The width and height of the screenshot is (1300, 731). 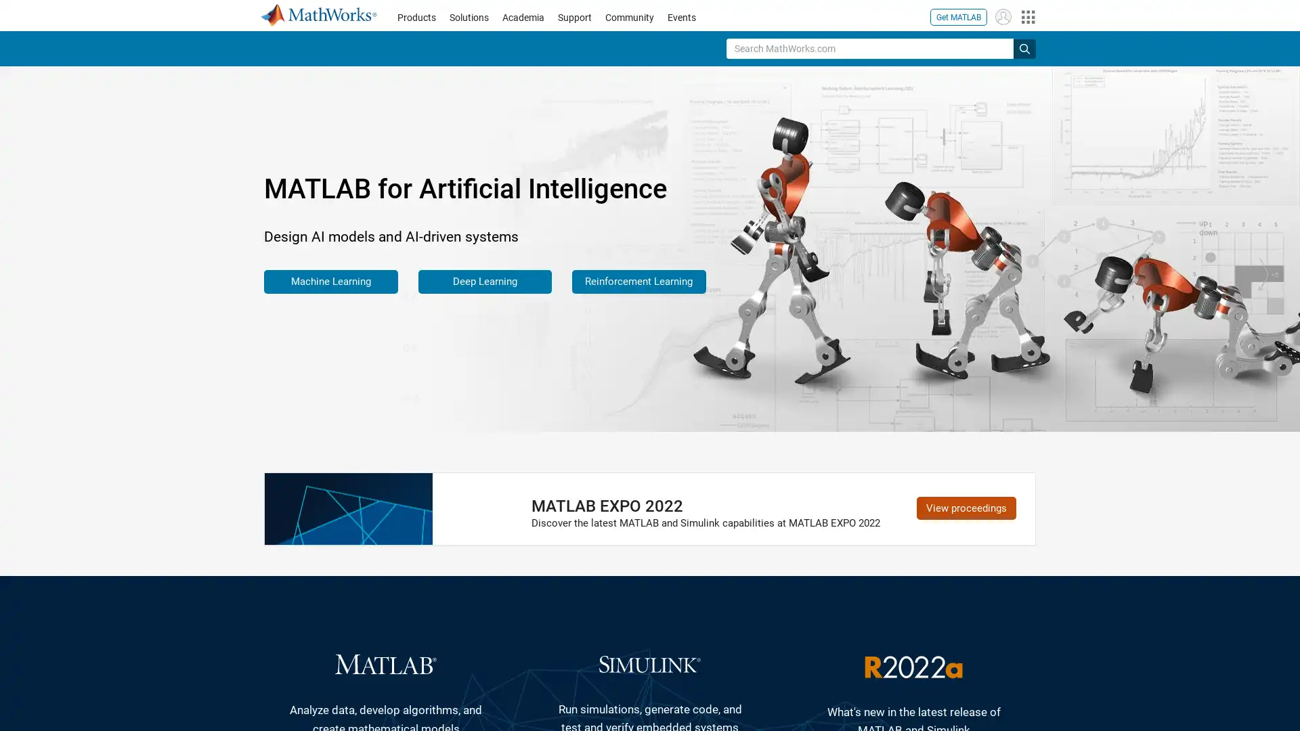 I want to click on Search, so click(x=1024, y=47).